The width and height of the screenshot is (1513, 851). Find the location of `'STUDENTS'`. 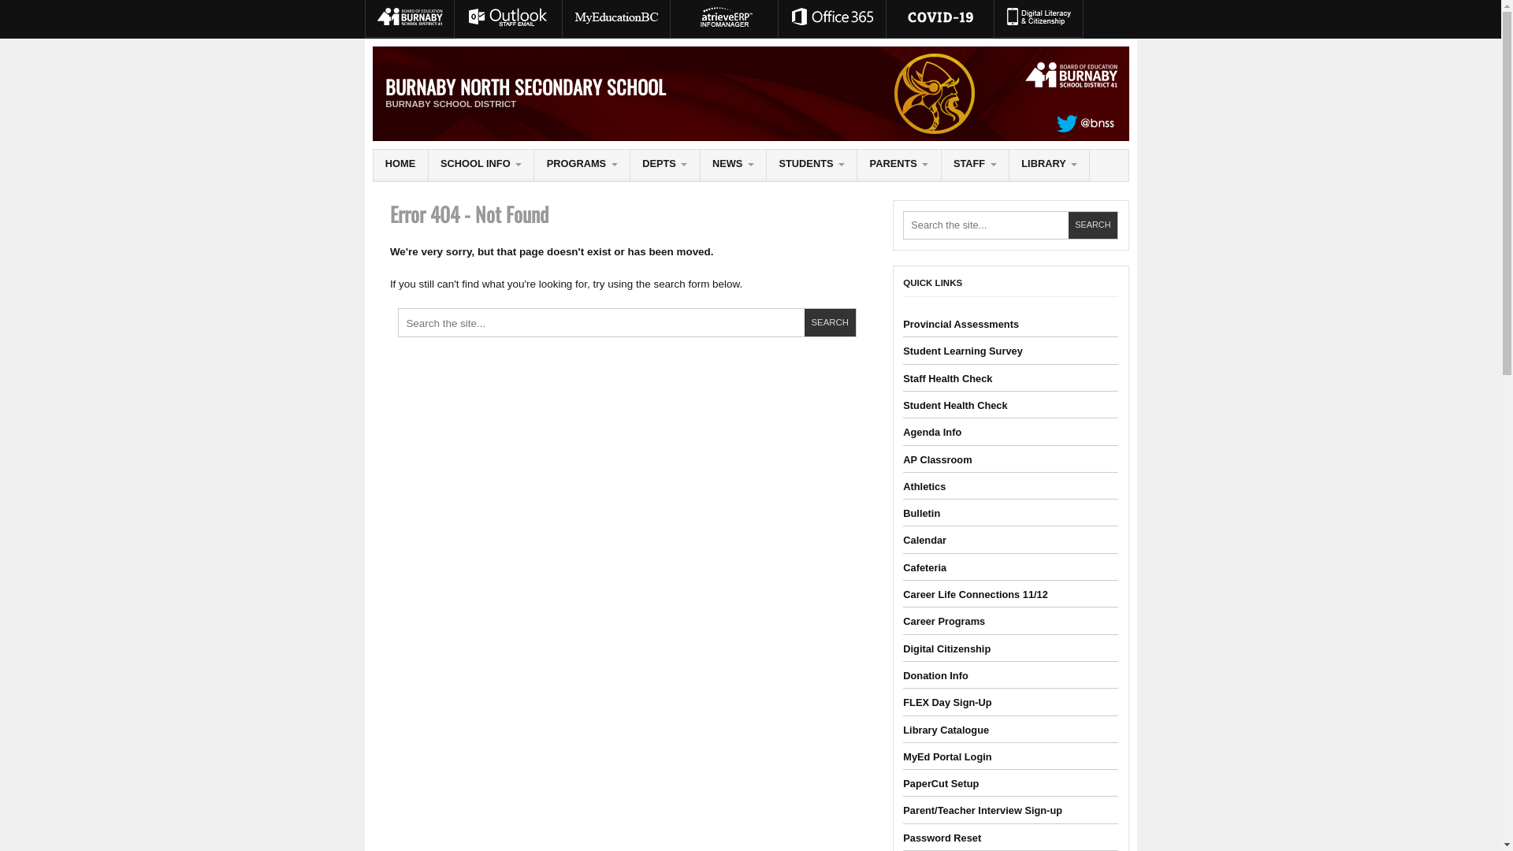

'STUDENTS' is located at coordinates (812, 165).